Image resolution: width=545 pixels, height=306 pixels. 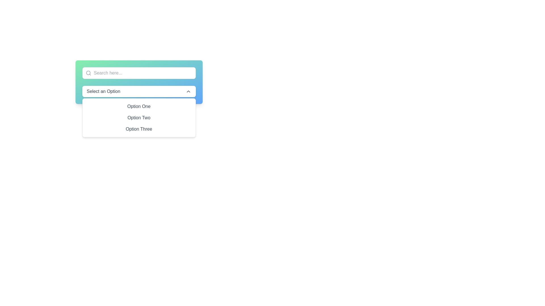 I want to click on the first selectable option within the dropdown menu, so click(x=139, y=106).